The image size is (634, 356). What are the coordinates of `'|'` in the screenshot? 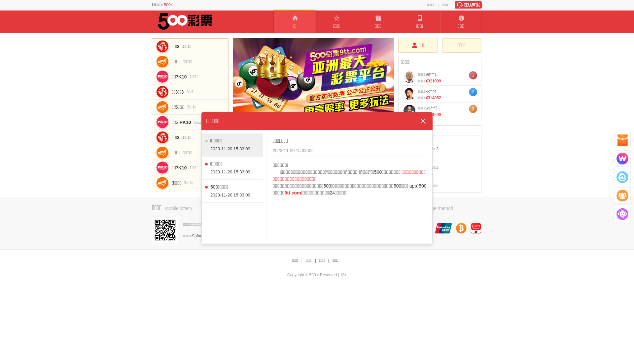 It's located at (329, 260).